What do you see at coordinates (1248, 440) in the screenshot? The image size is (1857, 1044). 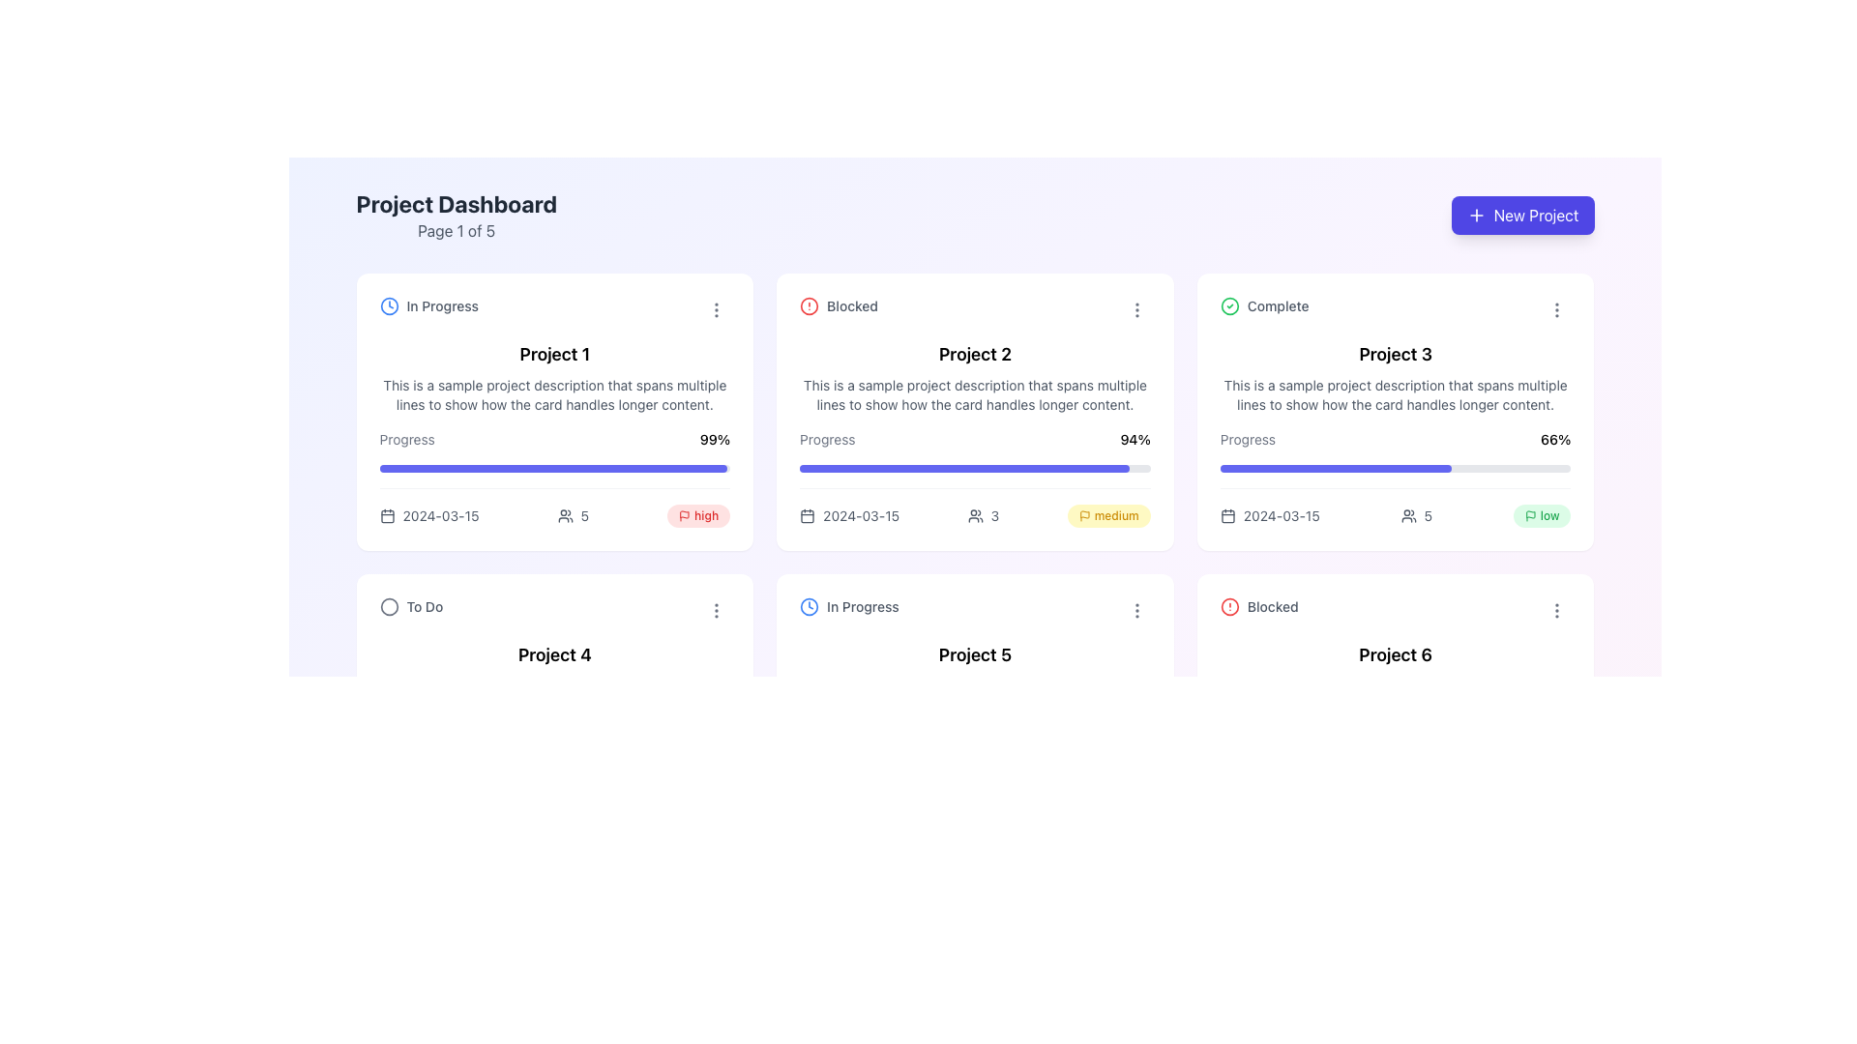 I see `the static label indicating the project's completion progress, located in the card labeled 'Project 3', positioned above the progress bar` at bounding box center [1248, 440].